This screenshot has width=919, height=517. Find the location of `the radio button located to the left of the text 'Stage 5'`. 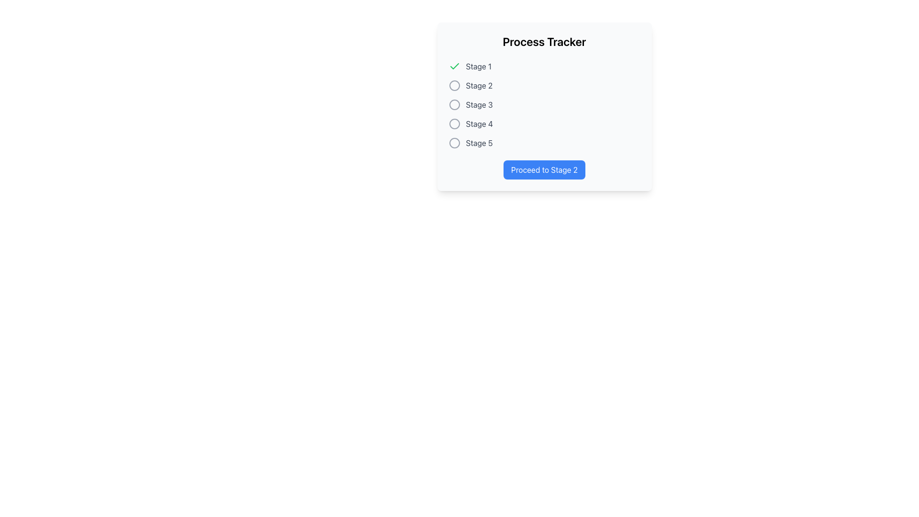

the radio button located to the left of the text 'Stage 5' is located at coordinates (454, 143).